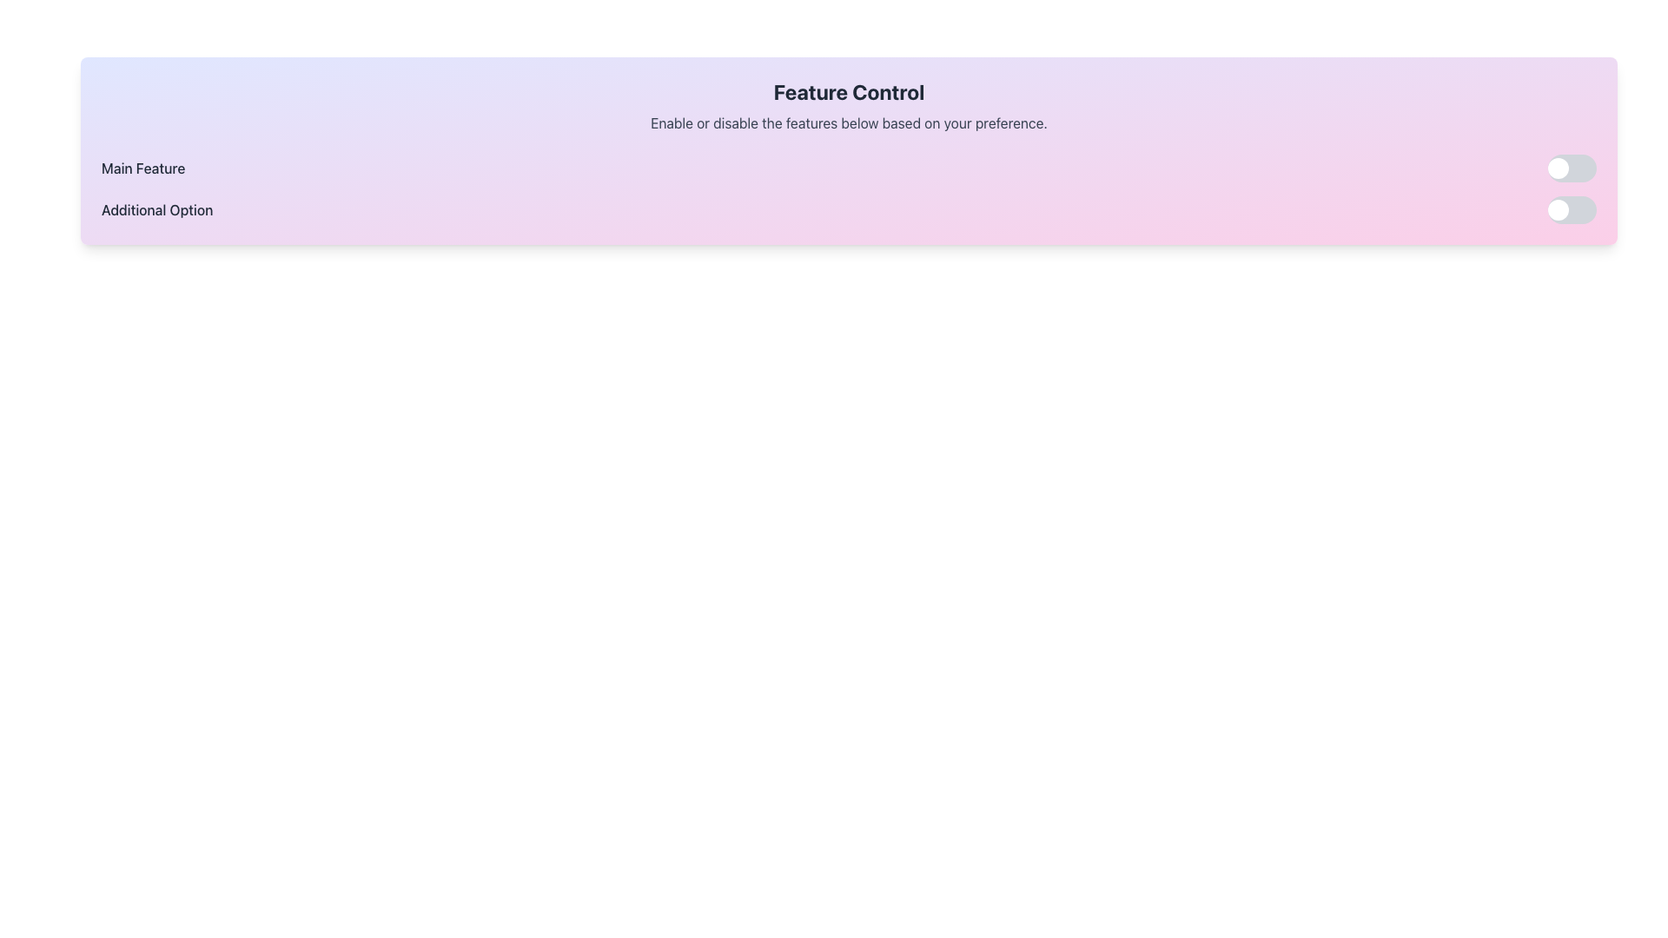 The width and height of the screenshot is (1668, 938). I want to click on the toggle switch located at the far right end of the row labeled 'Main Feature', so click(1572, 168).